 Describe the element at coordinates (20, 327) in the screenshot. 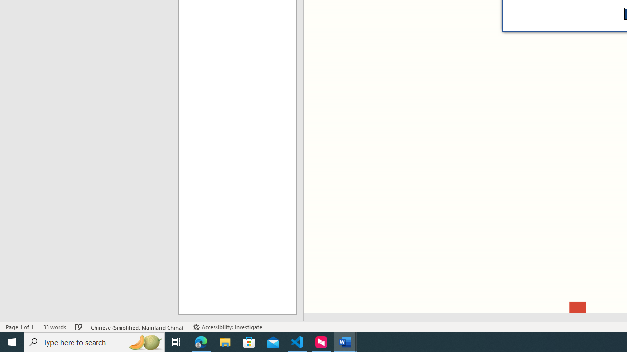

I see `'Page Number Page 1 of 1'` at that location.